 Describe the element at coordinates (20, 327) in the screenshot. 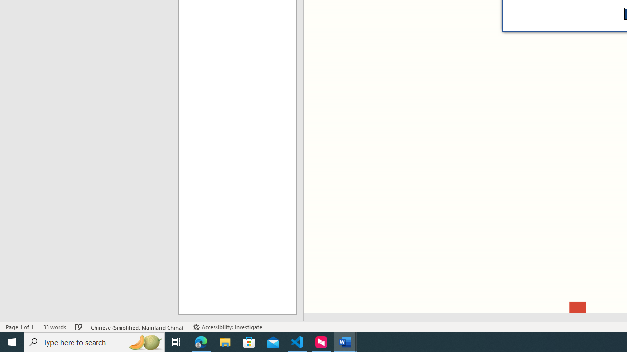

I see `'Page Number Page 1 of 1'` at that location.